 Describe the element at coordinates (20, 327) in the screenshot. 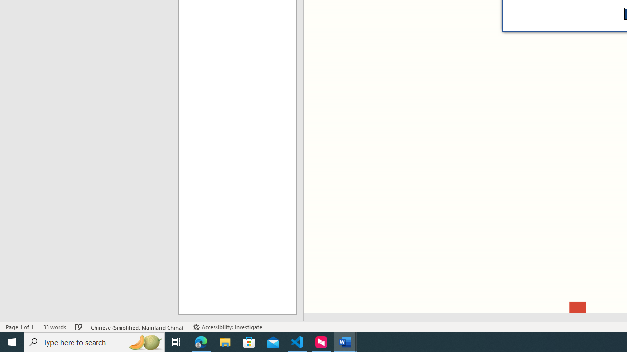

I see `'Page Number Page 1 of 1'` at that location.